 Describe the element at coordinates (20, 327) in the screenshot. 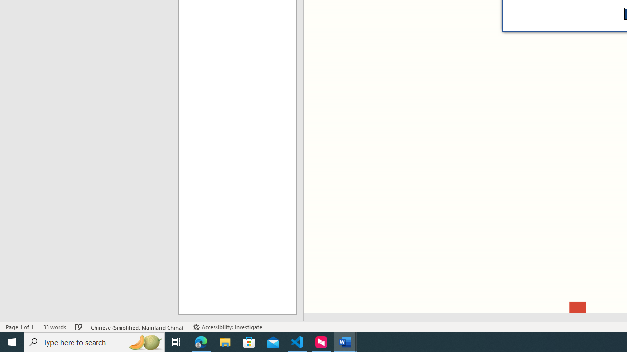

I see `'Page Number Page 1 of 1'` at that location.